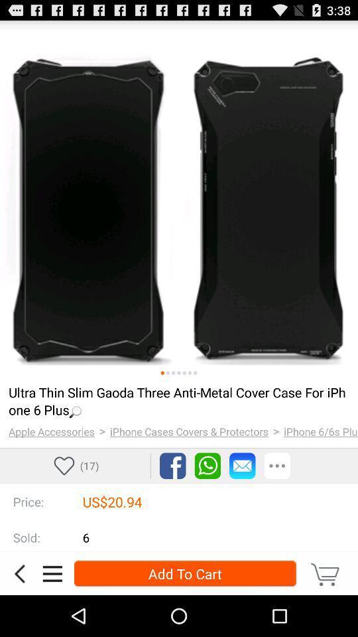 Image resolution: width=358 pixels, height=637 pixels. What do you see at coordinates (173, 373) in the screenshot?
I see `switch to additional products` at bounding box center [173, 373].